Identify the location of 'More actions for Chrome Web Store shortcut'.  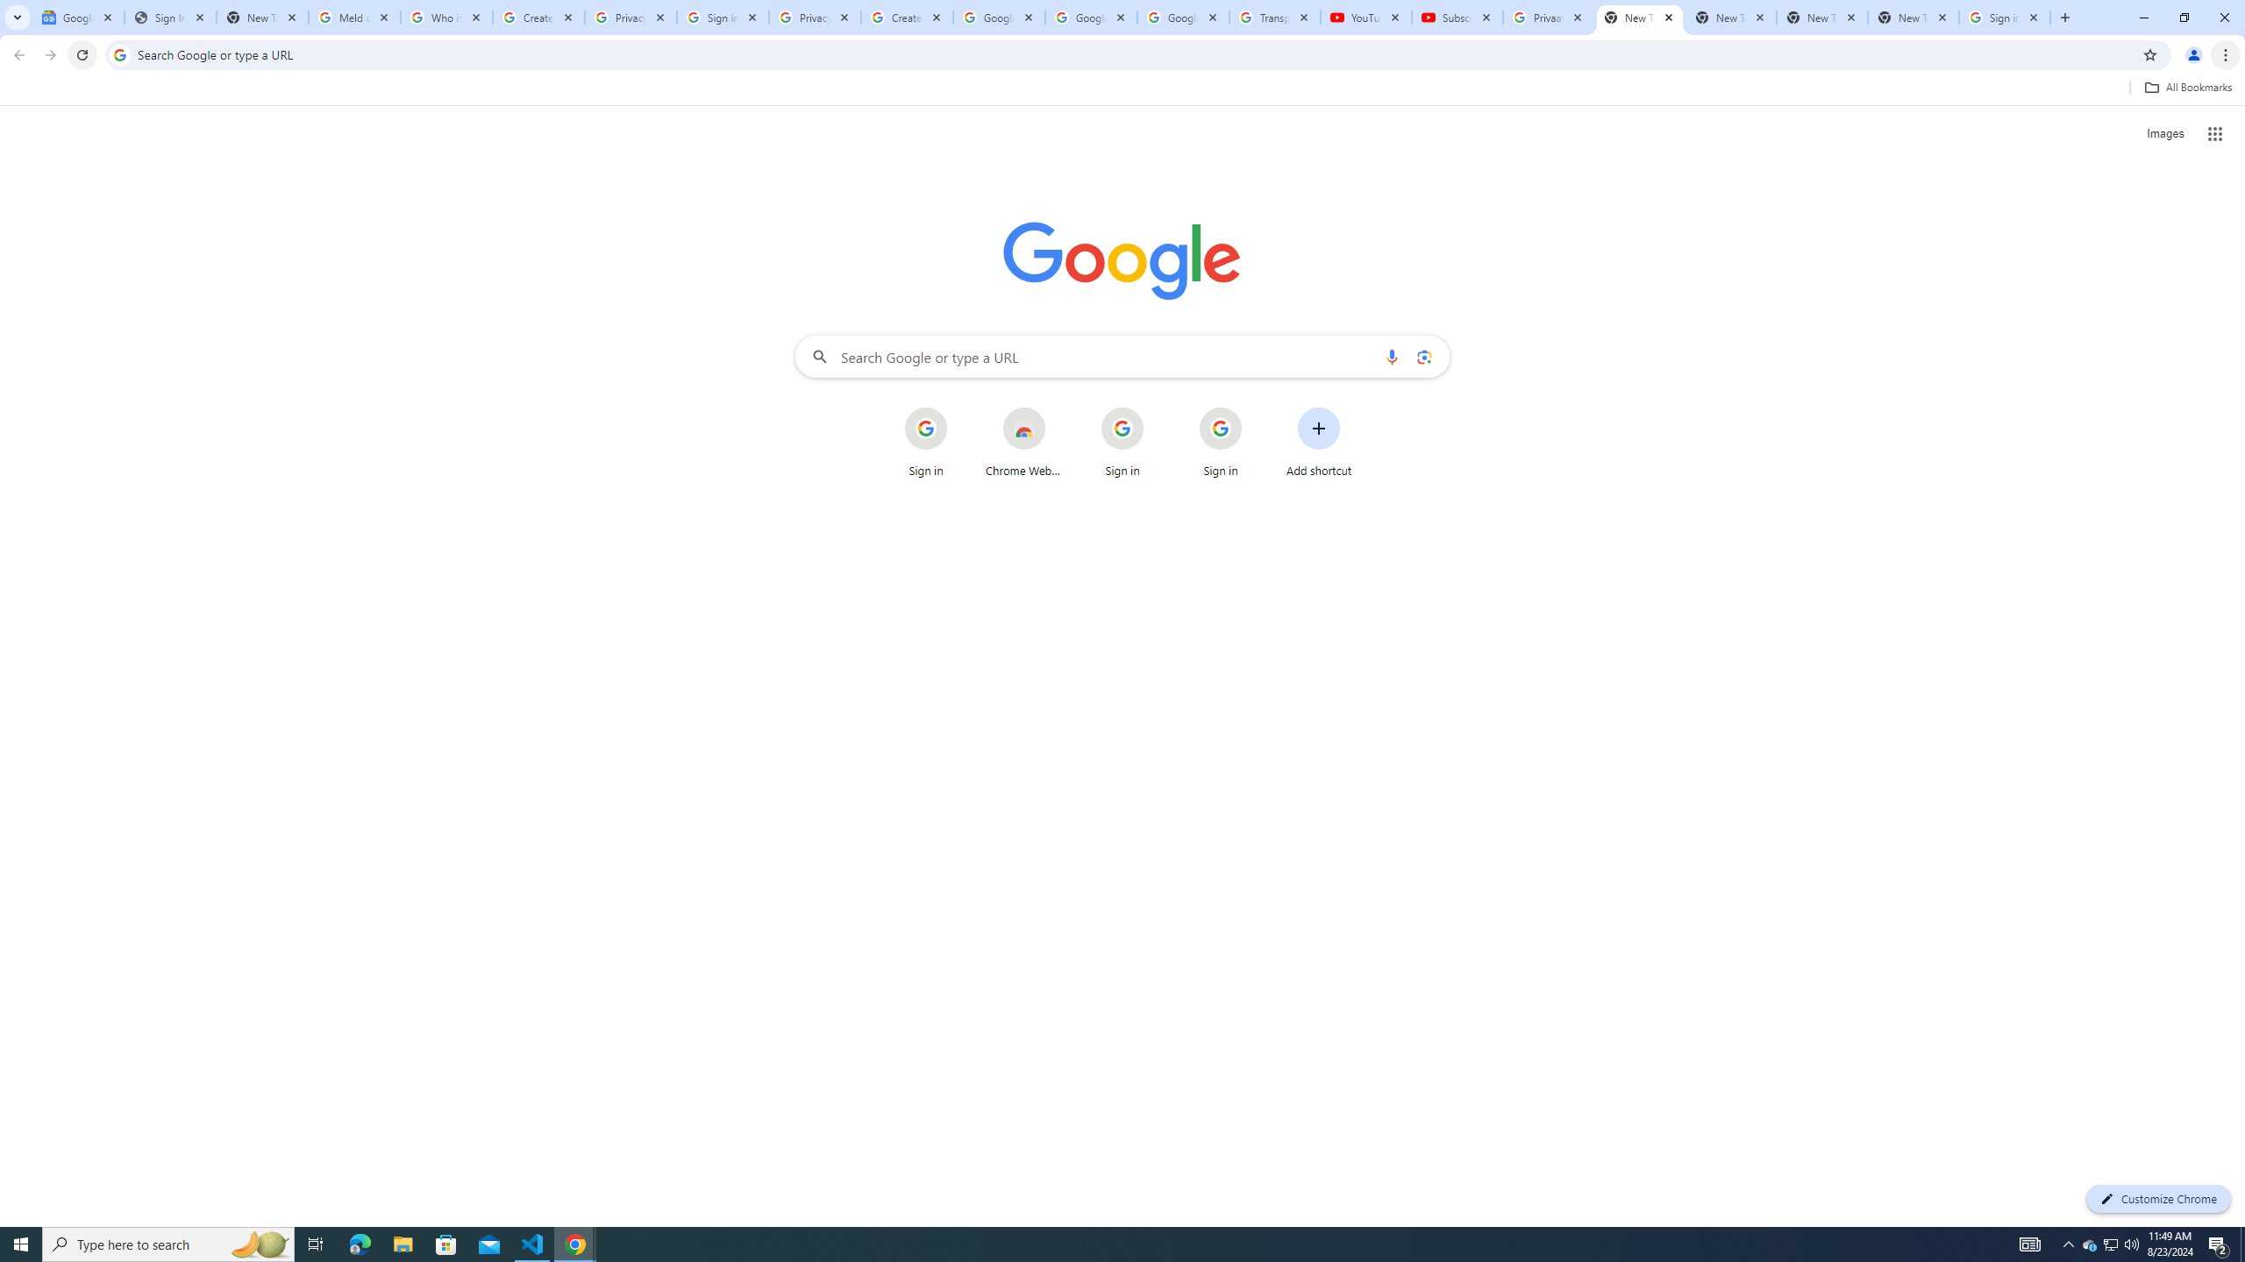
(1058, 409).